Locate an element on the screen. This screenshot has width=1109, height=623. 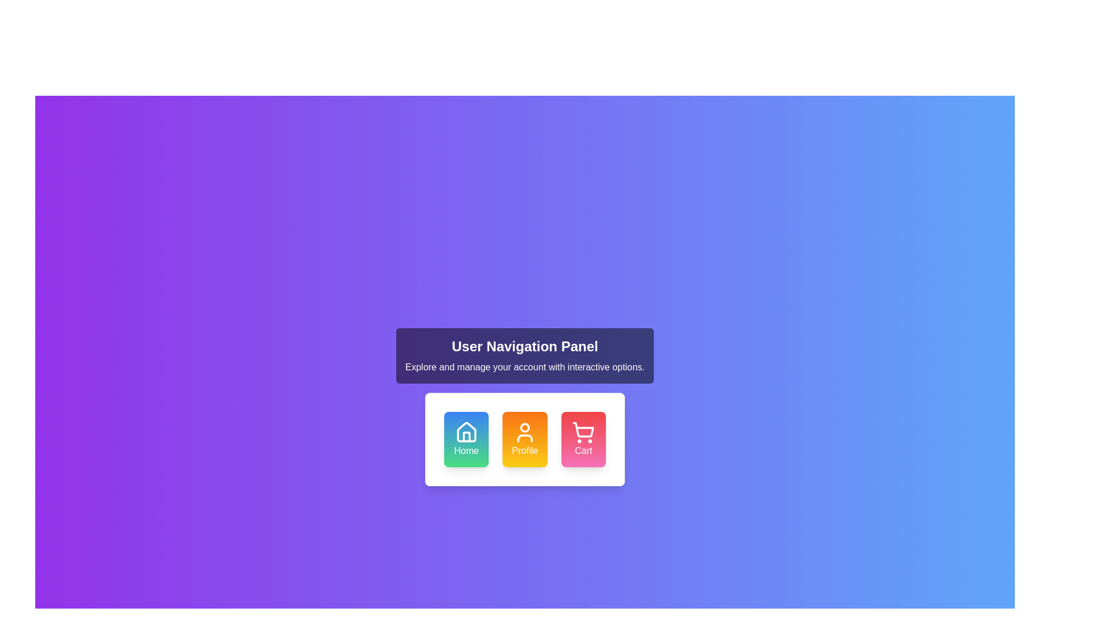
the shopping cart icon, which is the third icon from the left in the 'User Navigation Panel' and is part of the button labeled 'Cart' is located at coordinates (583, 432).